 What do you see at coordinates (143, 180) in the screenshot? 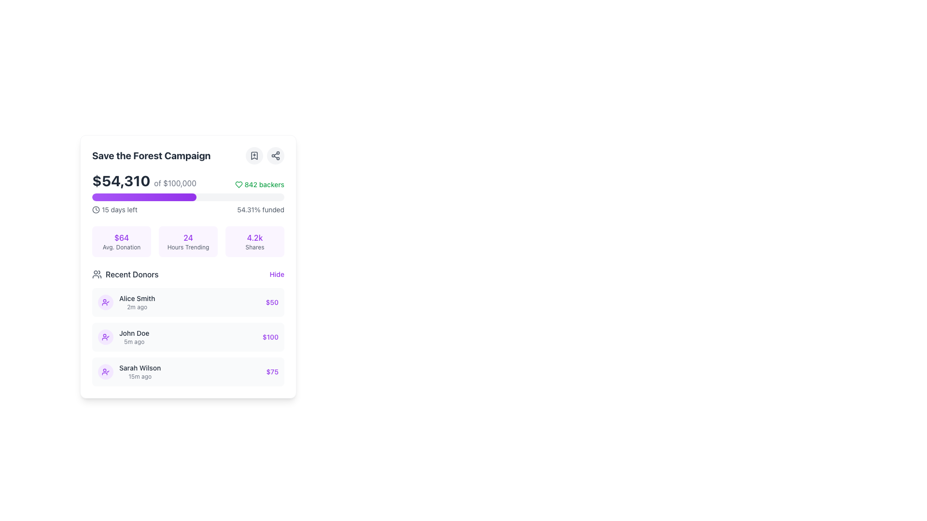
I see `text label displaying the amount '$54,310' and the additional information 'of $100,000' which is part of a rectangular white panel near the top-left section of the interface` at bounding box center [143, 180].